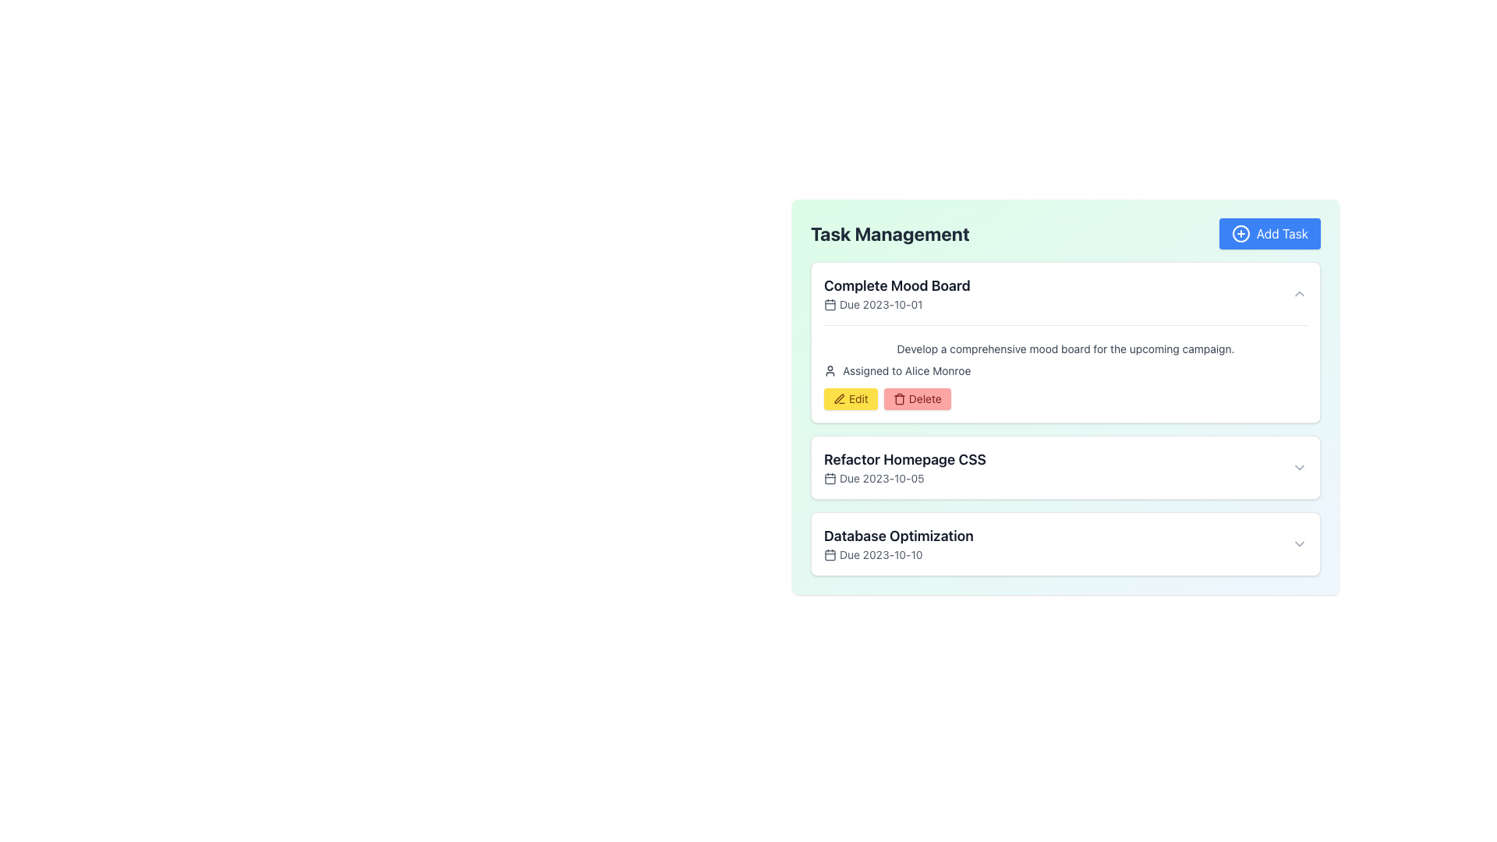  Describe the element at coordinates (890, 234) in the screenshot. I see `the static text display element titled 'Task Management', which is styled in large bold dark gray font against a light green background, located at the upper left section of the interface` at that location.